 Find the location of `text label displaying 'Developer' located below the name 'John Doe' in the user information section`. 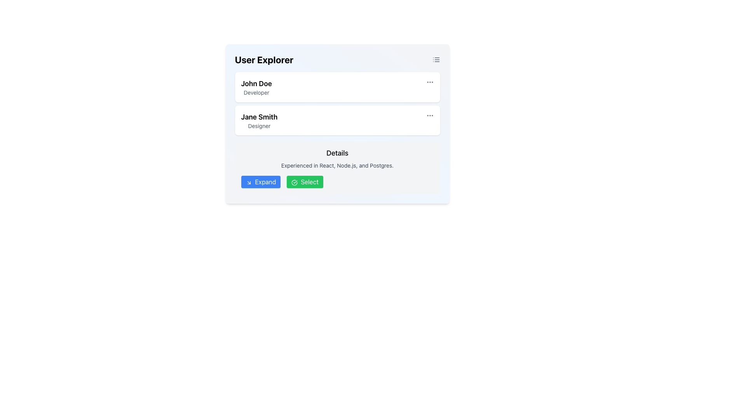

text label displaying 'Developer' located below the name 'John Doe' in the user information section is located at coordinates (256, 92).